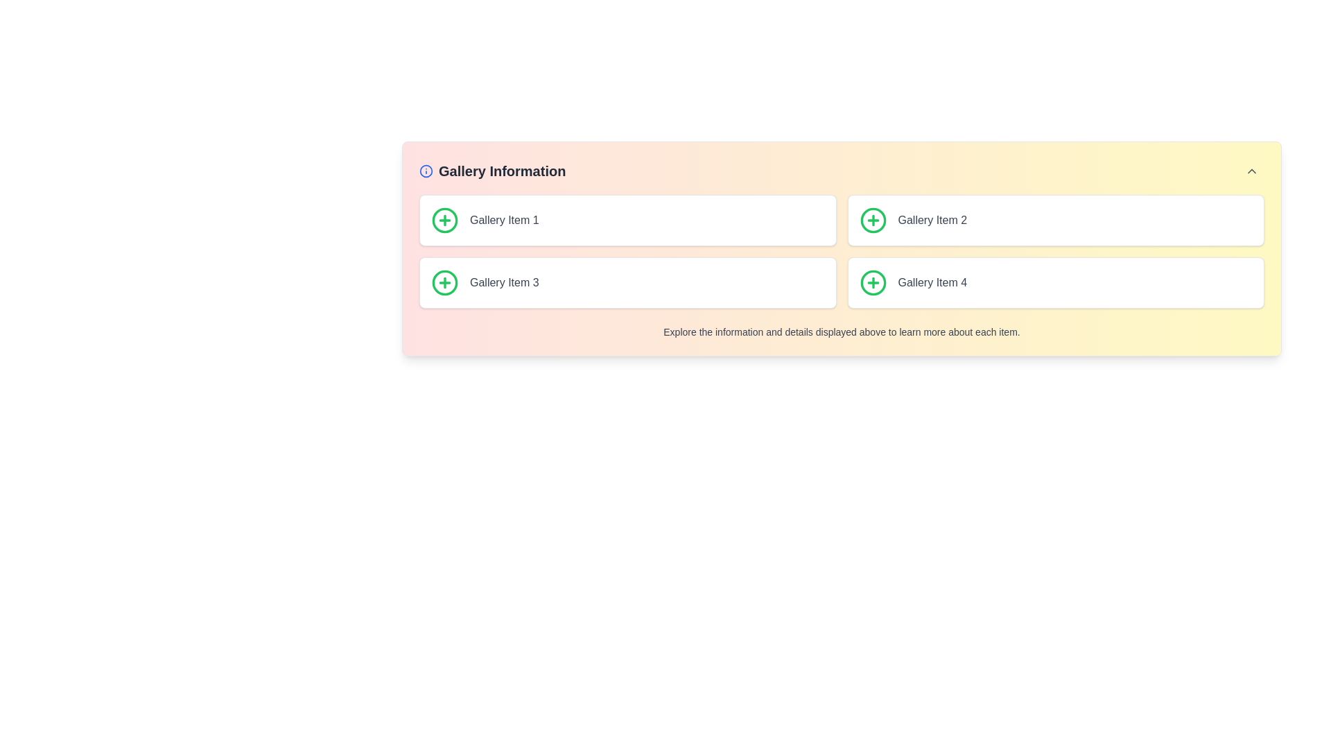  What do you see at coordinates (445, 282) in the screenshot?
I see `the icon button located to the left of the text 'Gallery Item 3' within the card component in the 'Gallery Information' section` at bounding box center [445, 282].